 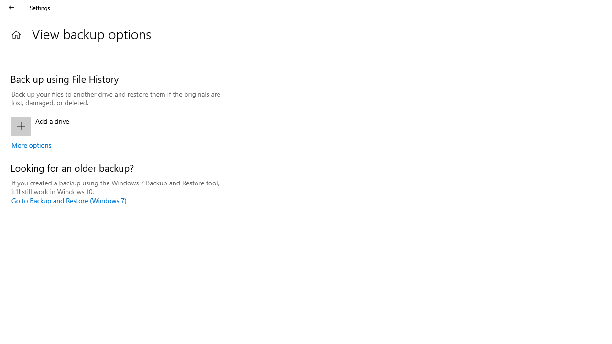 What do you see at coordinates (16, 34) in the screenshot?
I see `'Home'` at bounding box center [16, 34].